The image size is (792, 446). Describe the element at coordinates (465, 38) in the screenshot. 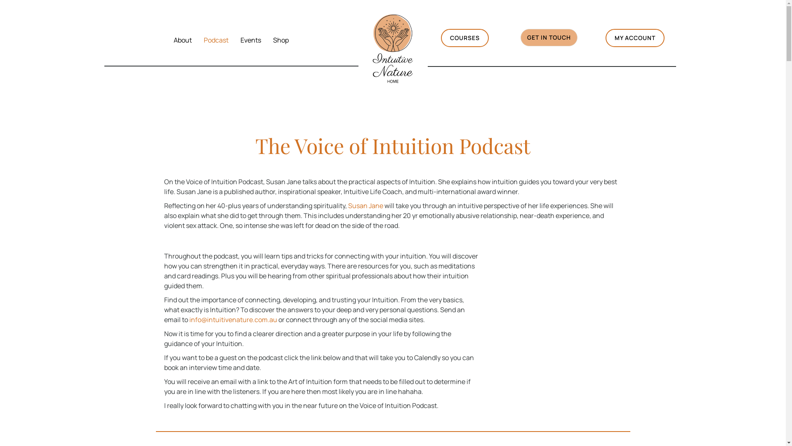

I see `'COURSES'` at that location.